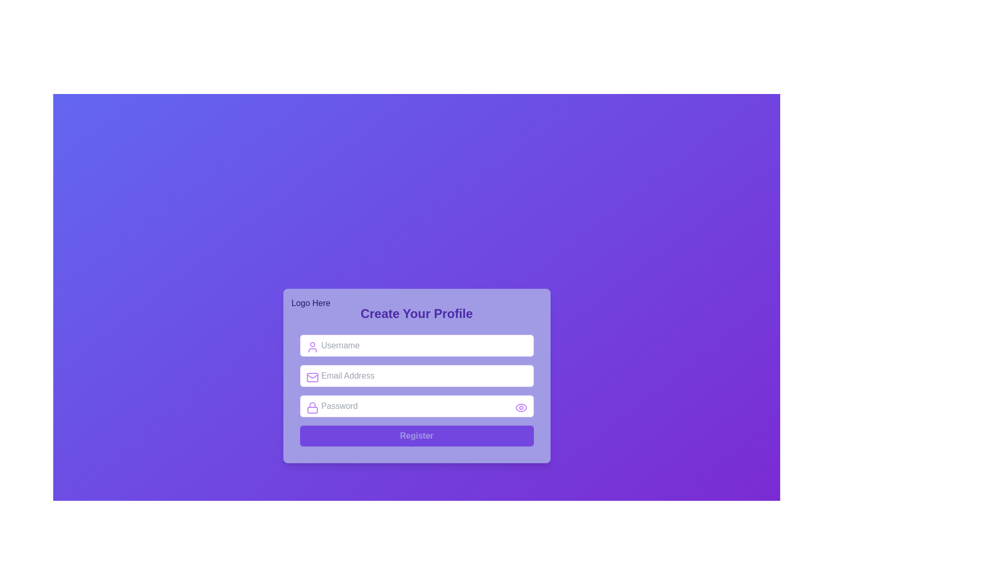 This screenshot has height=564, width=1002. I want to click on the password visibility toggle button located at the right edge of the password input field, so click(521, 407).